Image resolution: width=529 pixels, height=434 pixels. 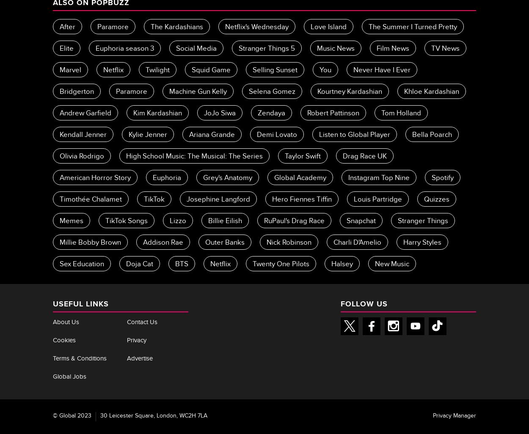 What do you see at coordinates (157, 114) in the screenshot?
I see `'Kim Kardashian'` at bounding box center [157, 114].